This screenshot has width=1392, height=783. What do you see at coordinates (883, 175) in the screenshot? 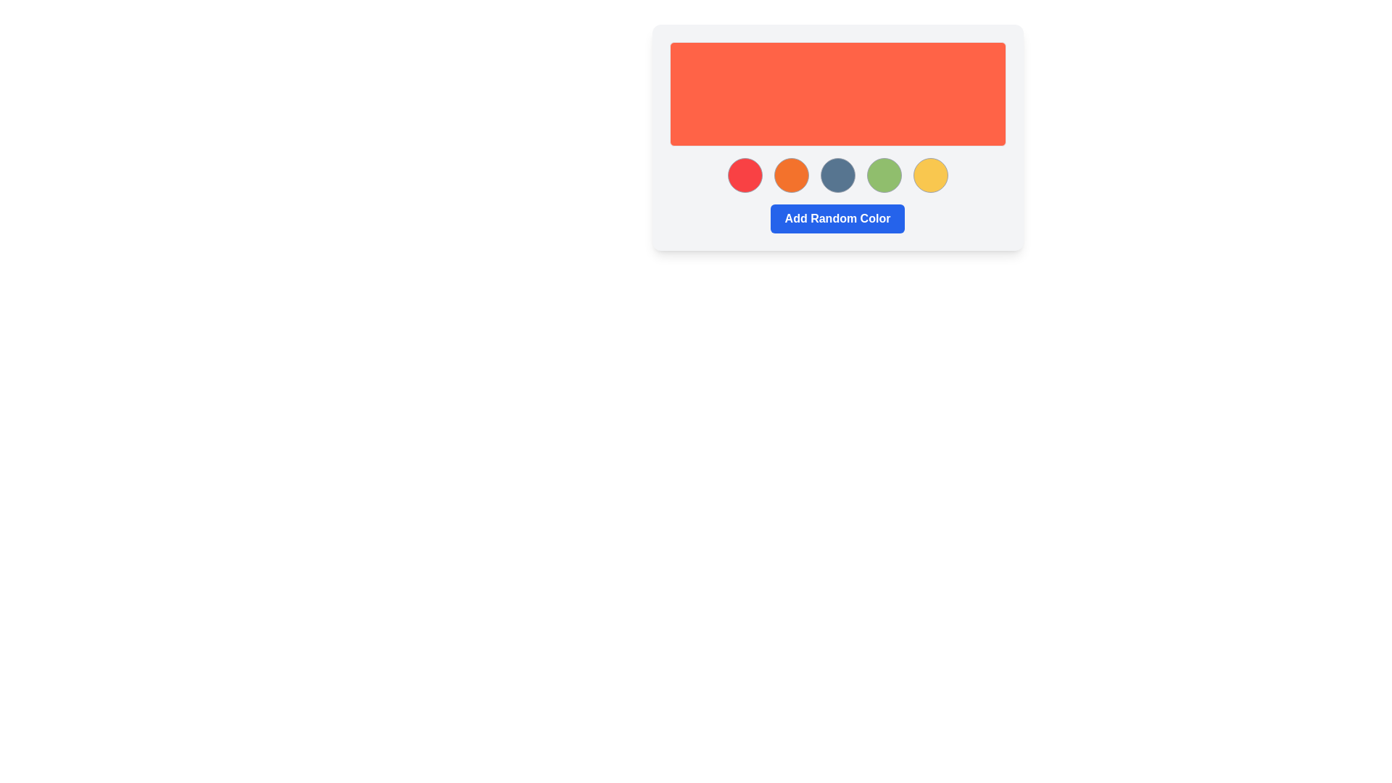
I see `the fourth circle button in the horizontal row` at bounding box center [883, 175].